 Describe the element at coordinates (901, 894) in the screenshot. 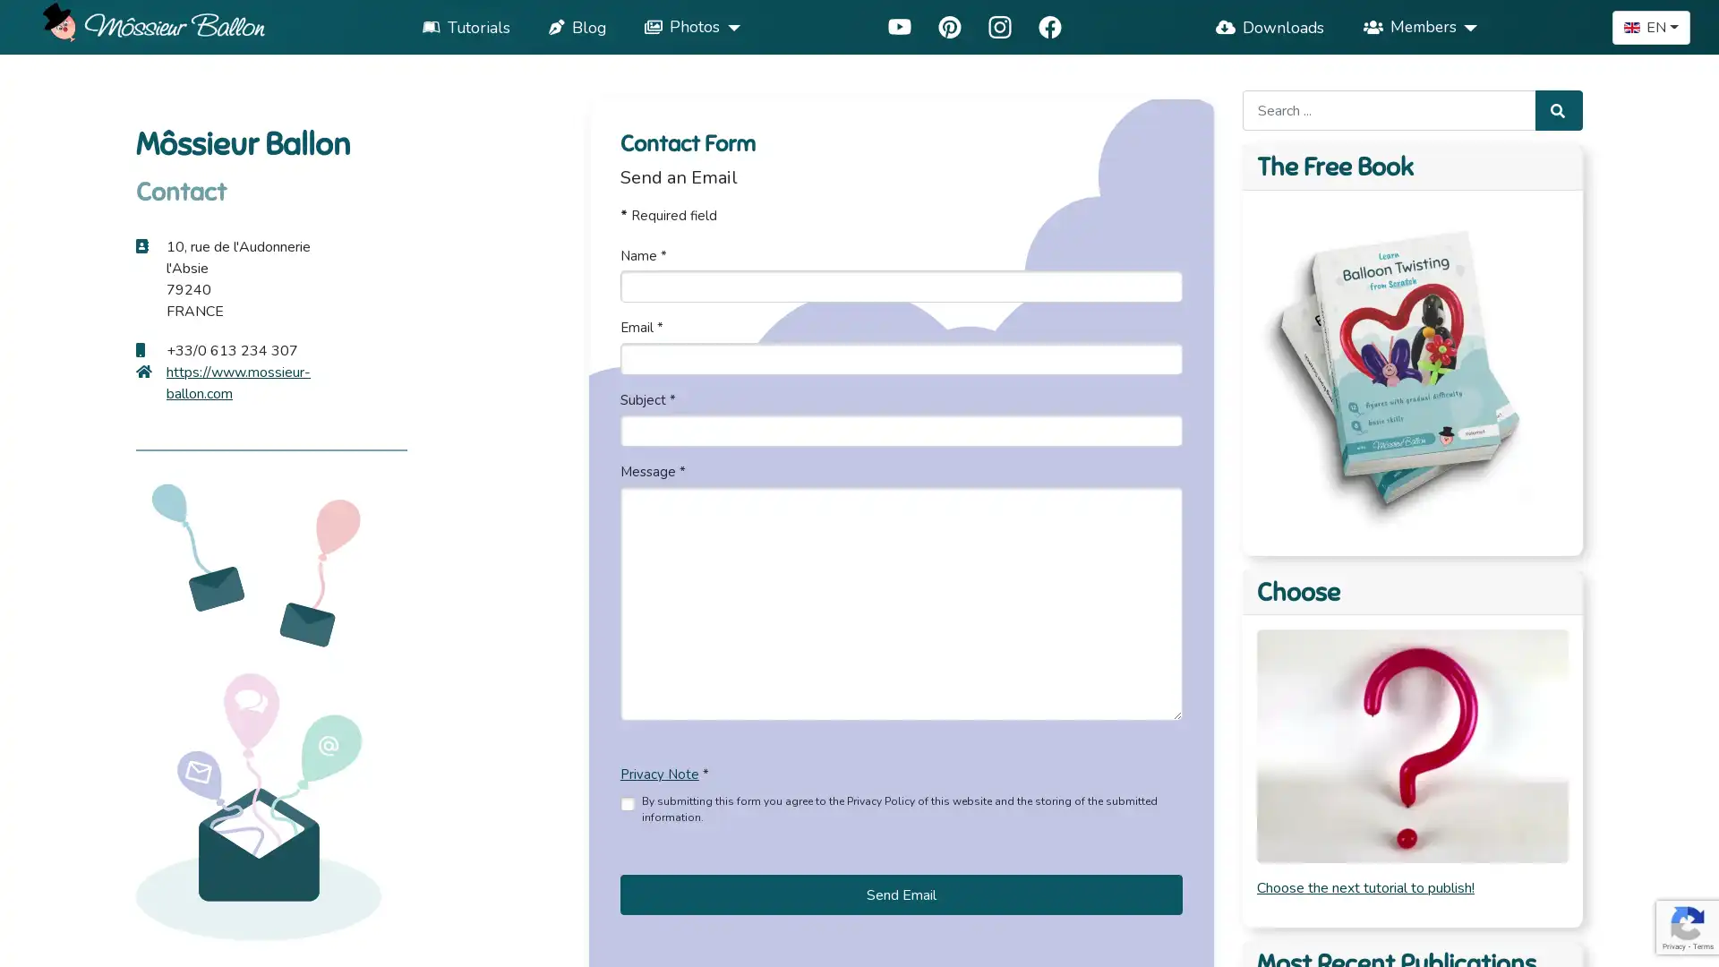

I see `Send Email` at that location.